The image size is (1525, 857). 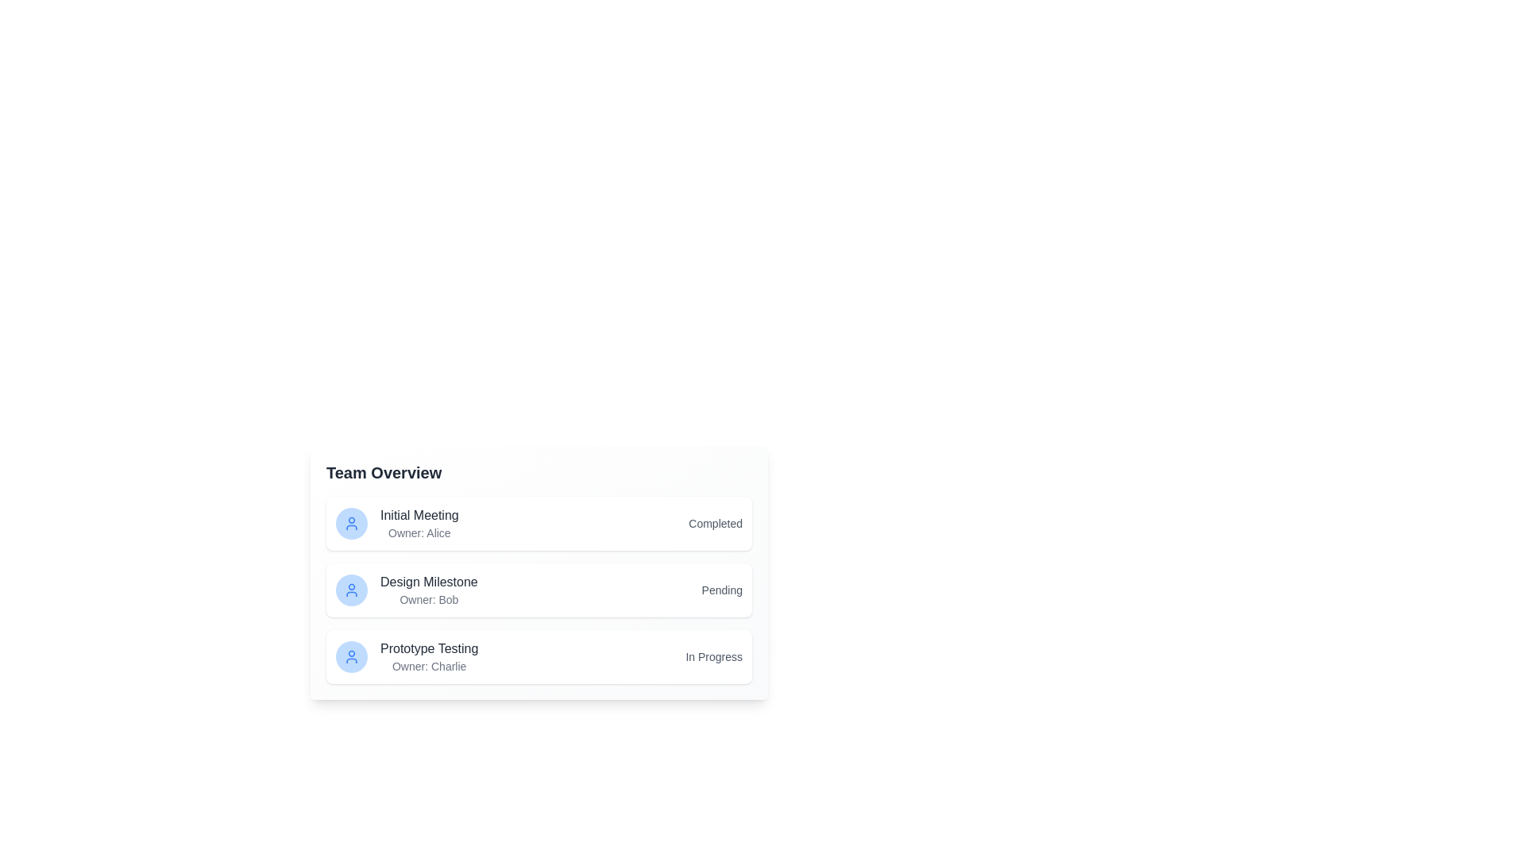 What do you see at coordinates (429, 582) in the screenshot?
I see `the text label displaying 'Design Milestone', which is the first line of text in the second item of a vertically arranged list` at bounding box center [429, 582].